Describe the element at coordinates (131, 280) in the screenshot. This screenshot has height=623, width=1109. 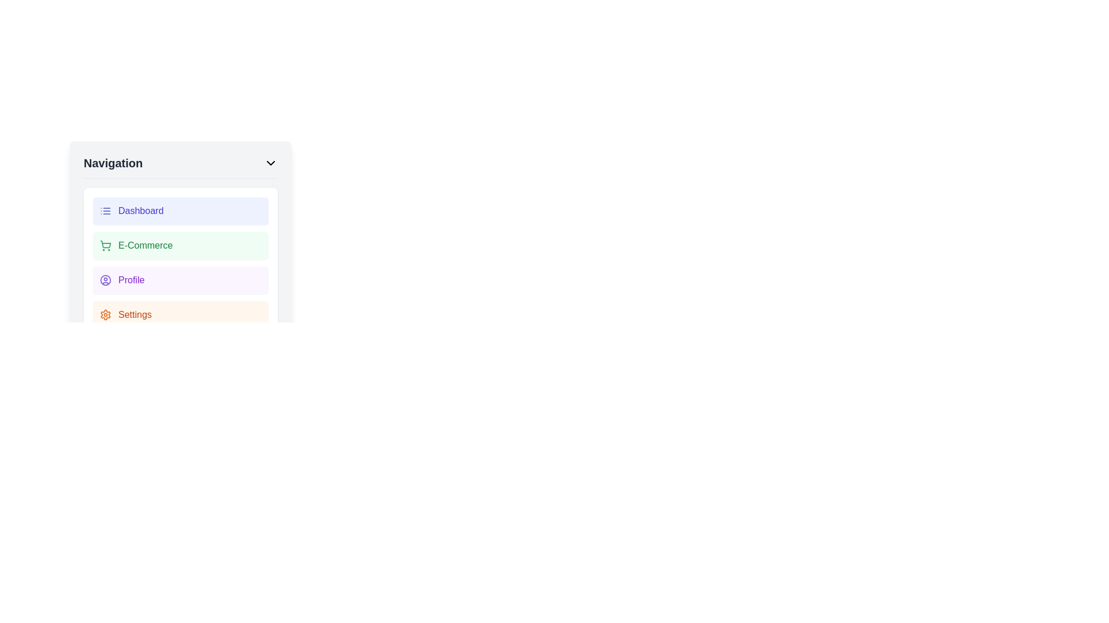
I see `the 'Profile' text label within the navigation menu` at that location.